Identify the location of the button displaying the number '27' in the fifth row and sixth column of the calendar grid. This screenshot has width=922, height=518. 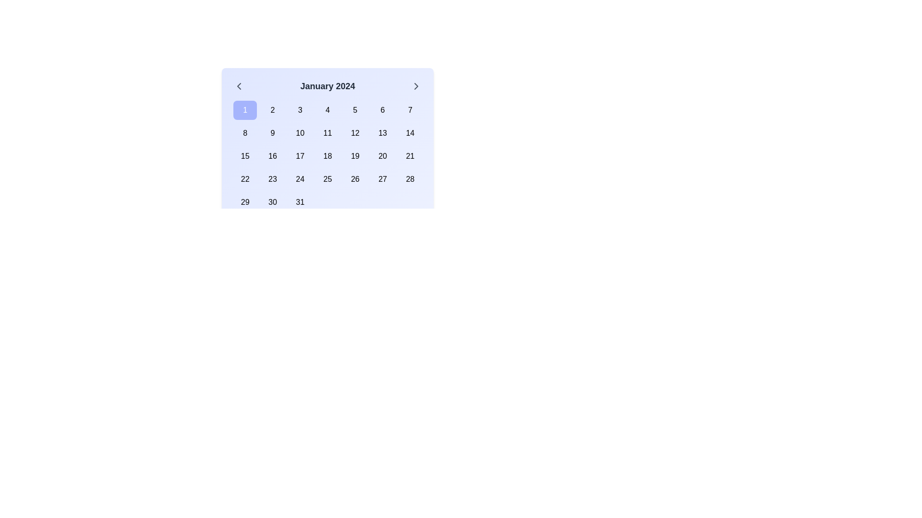
(382, 179).